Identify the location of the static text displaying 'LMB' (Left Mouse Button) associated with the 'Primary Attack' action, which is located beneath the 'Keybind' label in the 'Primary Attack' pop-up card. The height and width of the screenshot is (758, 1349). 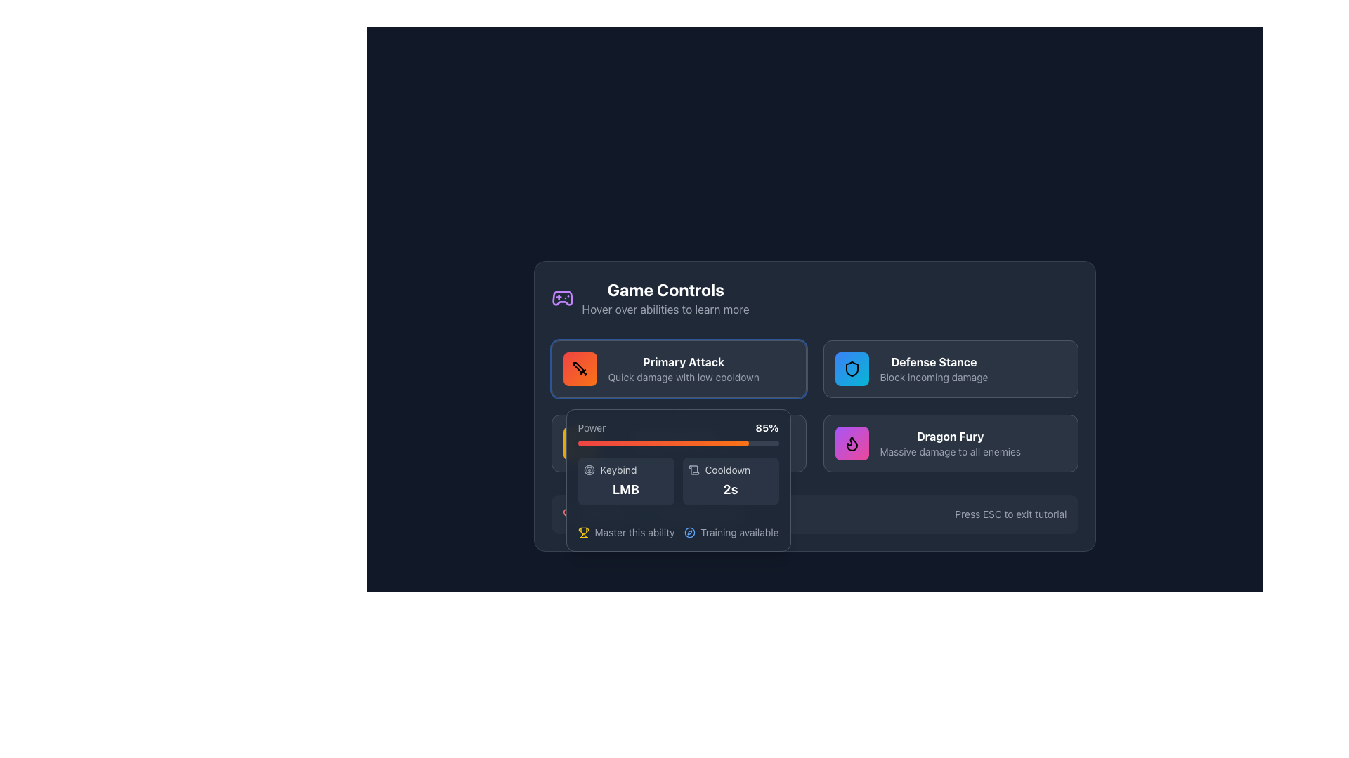
(625, 489).